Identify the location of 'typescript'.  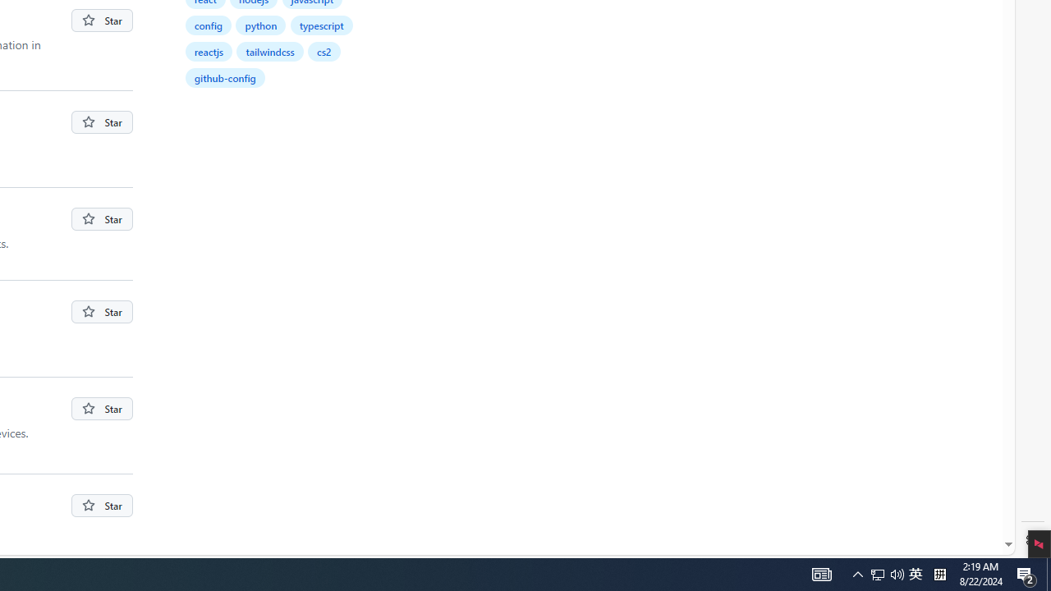
(321, 25).